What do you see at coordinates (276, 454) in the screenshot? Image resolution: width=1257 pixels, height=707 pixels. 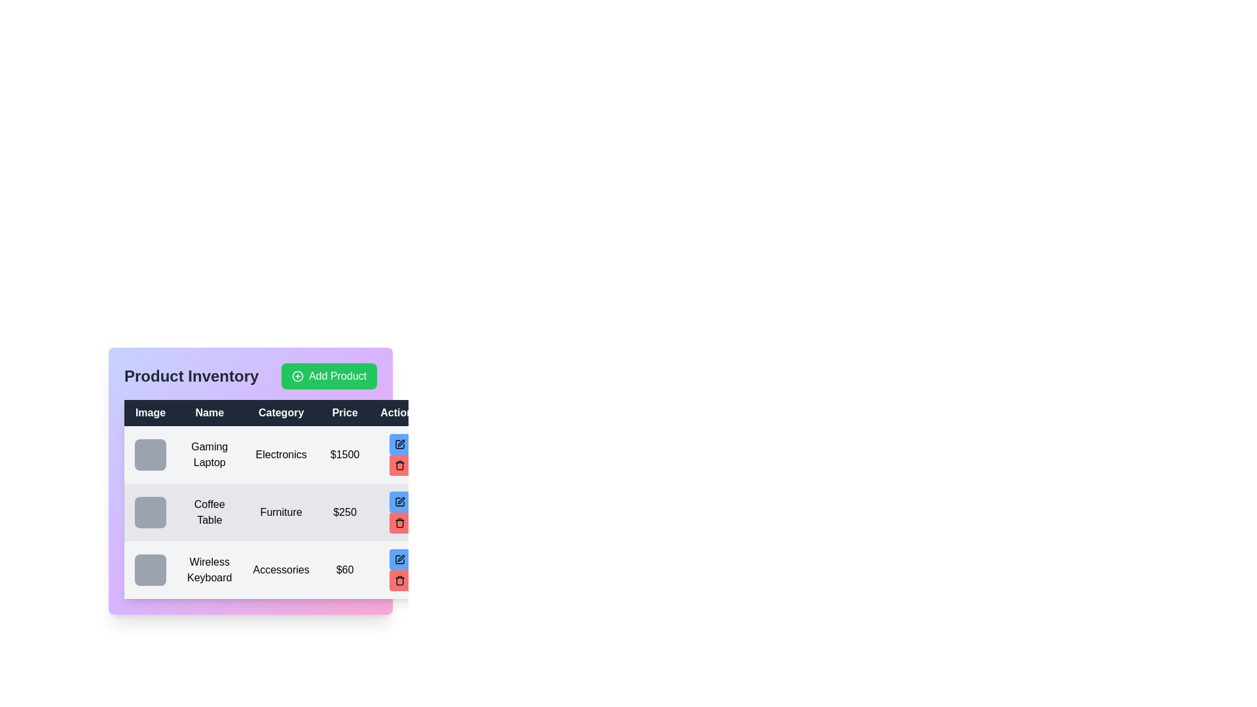 I see `the product entry for 'Gaming Laptop'` at bounding box center [276, 454].